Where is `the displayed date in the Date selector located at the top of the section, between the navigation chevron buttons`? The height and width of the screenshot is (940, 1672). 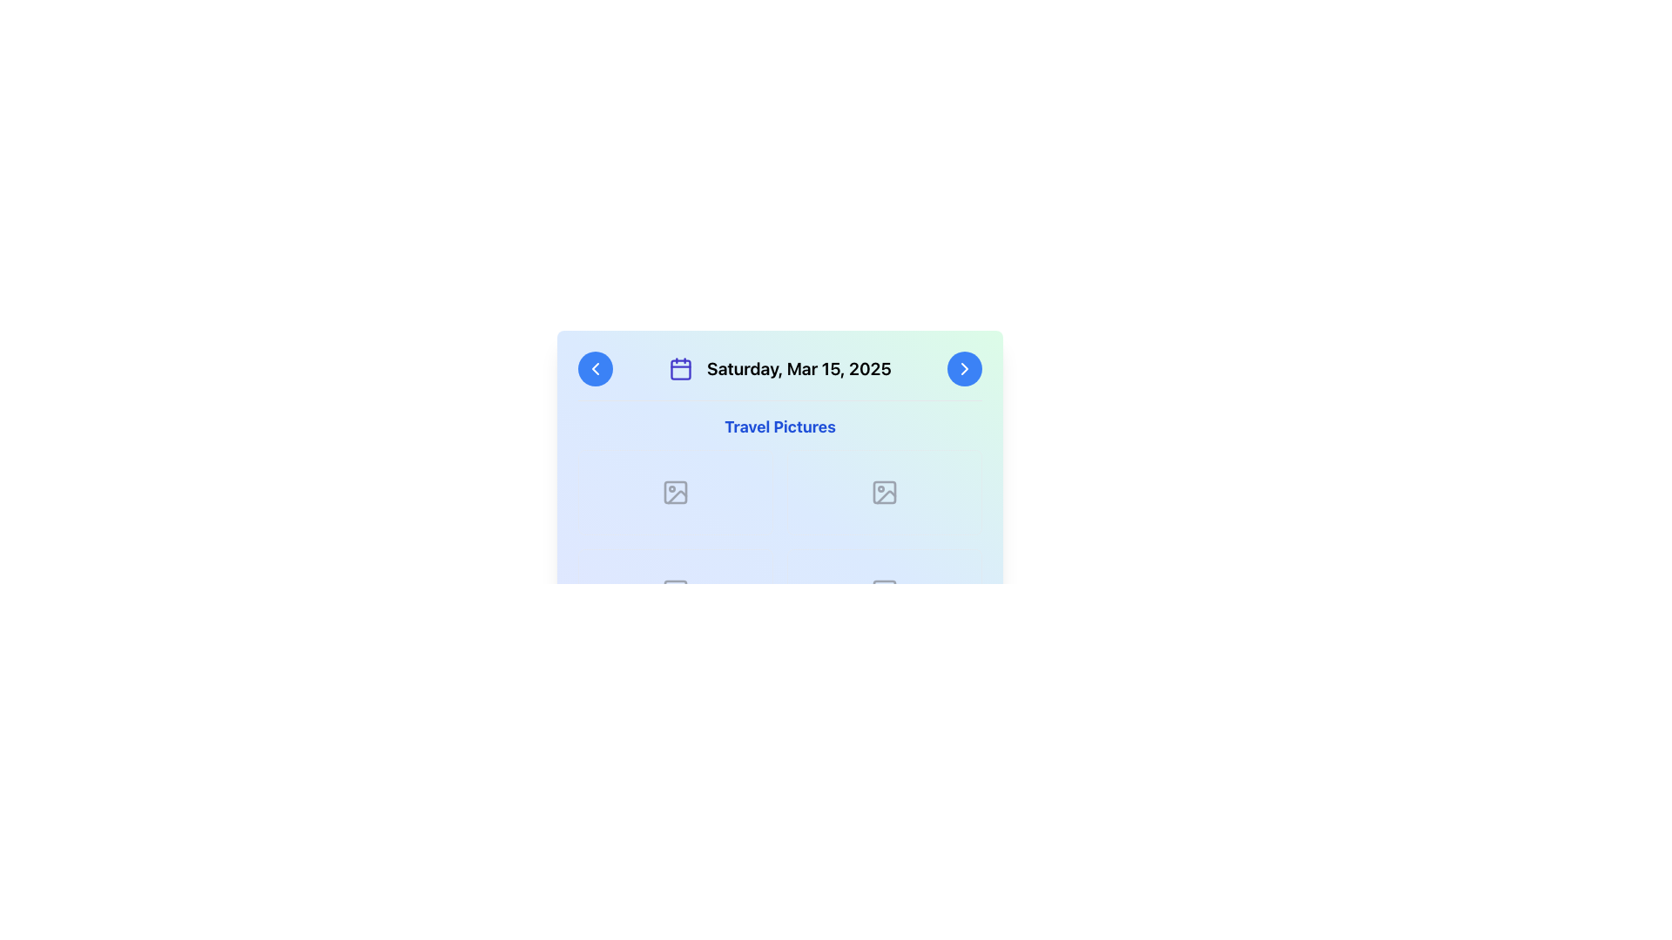
the displayed date in the Date selector located at the top of the section, between the navigation chevron buttons is located at coordinates (779, 368).